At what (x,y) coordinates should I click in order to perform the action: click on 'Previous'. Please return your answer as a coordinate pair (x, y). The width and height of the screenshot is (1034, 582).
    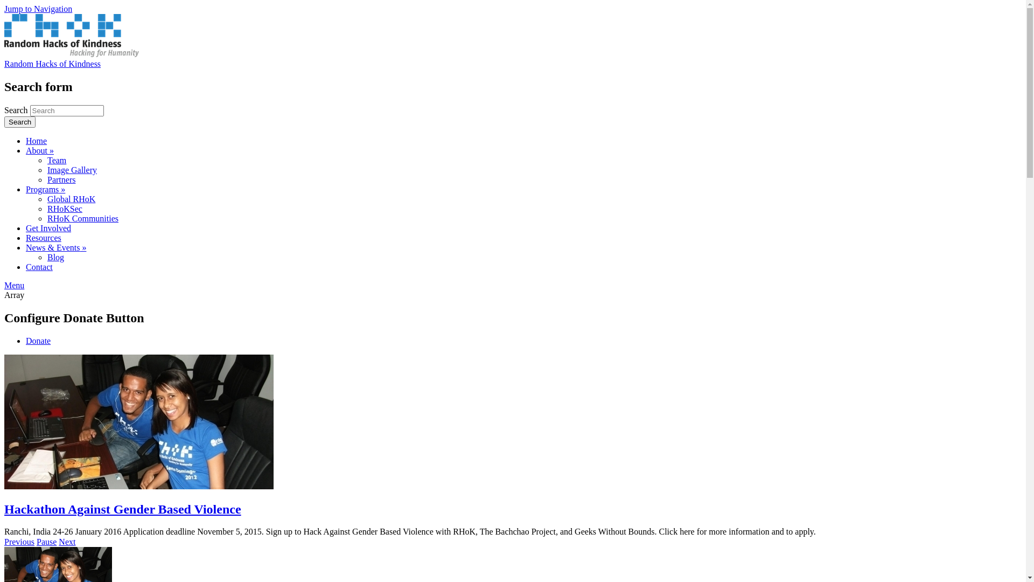
    Looking at the image, I should click on (19, 542).